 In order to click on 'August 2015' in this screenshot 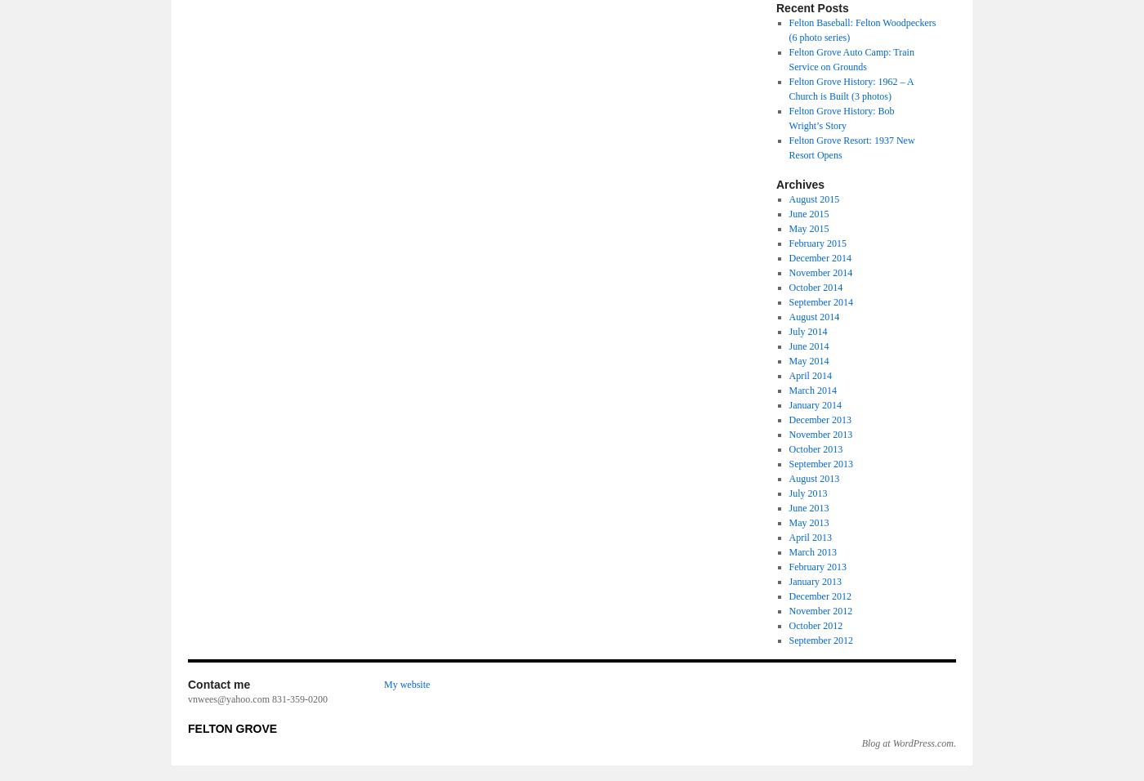, I will do `click(813, 198)`.